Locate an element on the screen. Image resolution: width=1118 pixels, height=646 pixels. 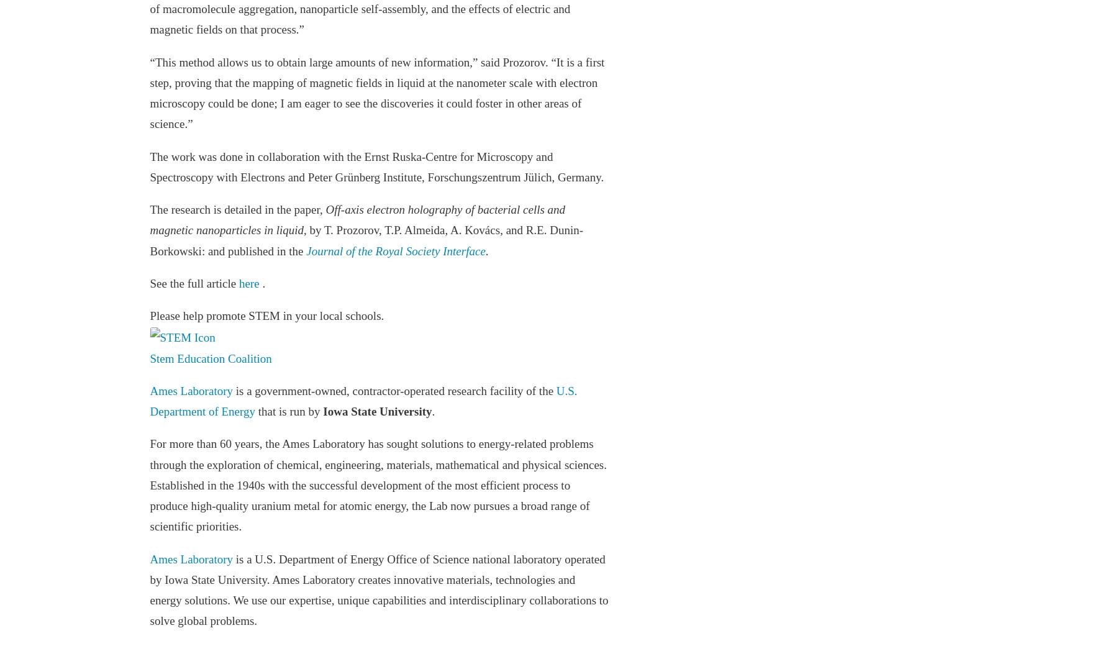
'is a government-owned, contractor-operated research facility of the' is located at coordinates (394, 389).